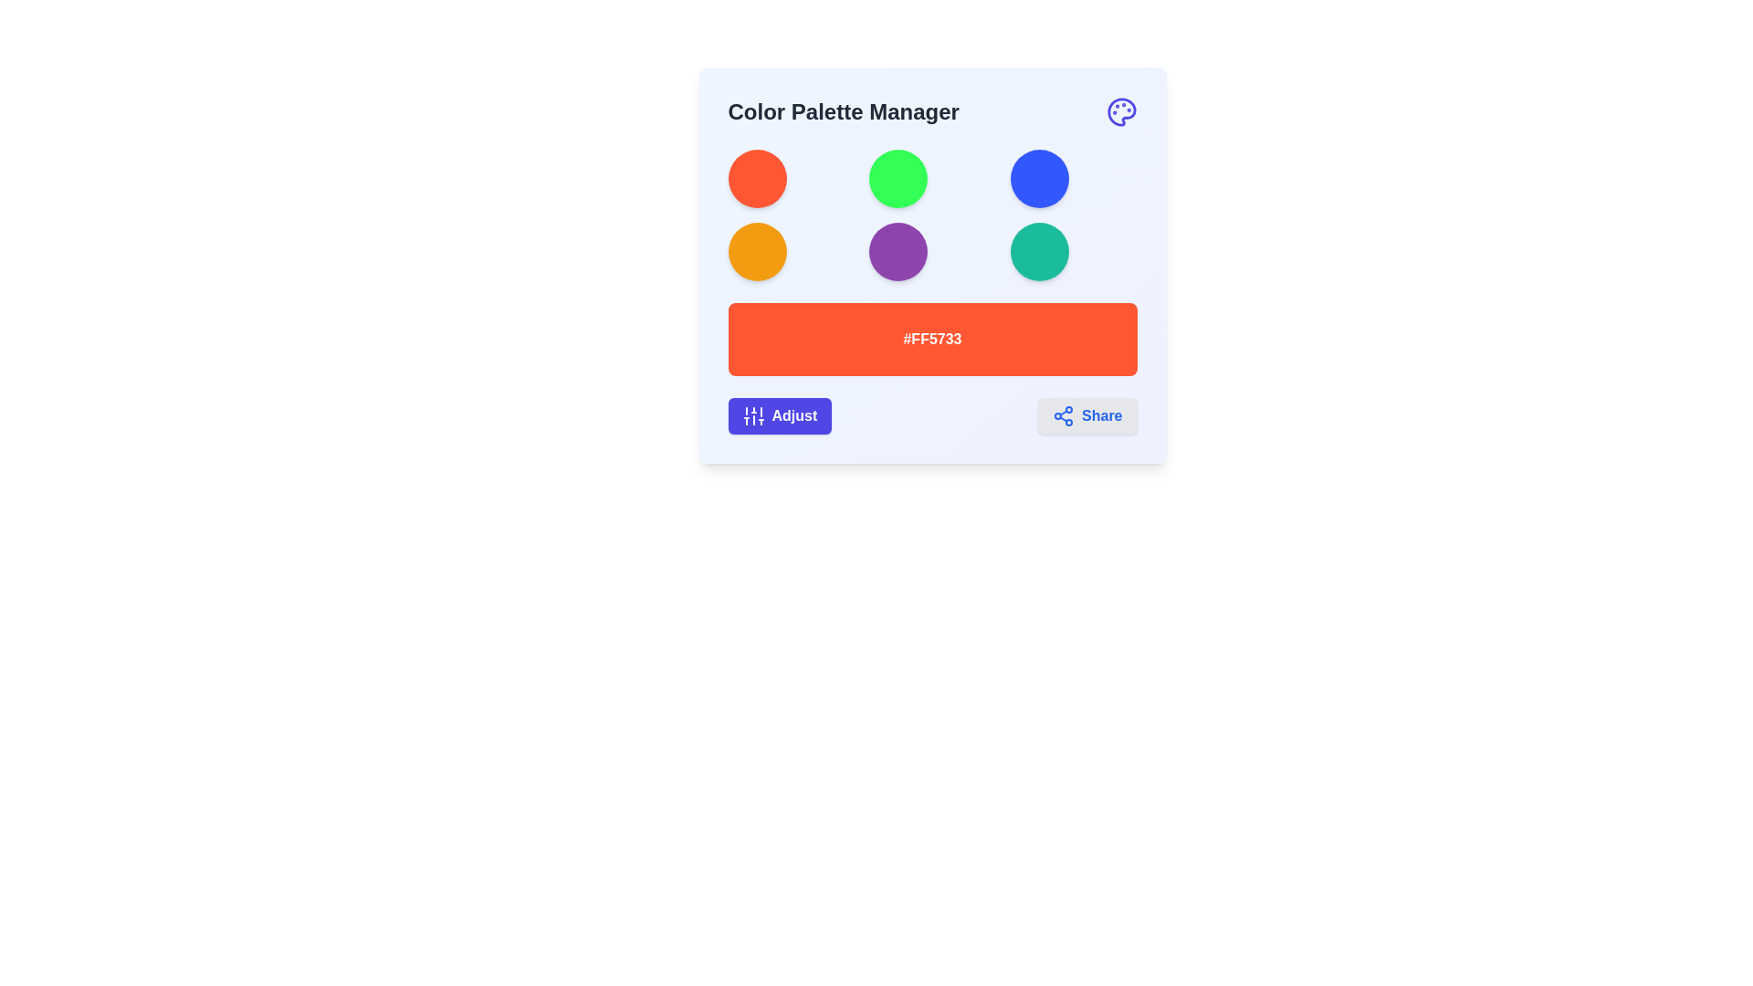 The width and height of the screenshot is (1753, 986). Describe the element at coordinates (753, 415) in the screenshot. I see `the icon resembling vertical sliders located within the 'Adjust' button in the bottom-left corner of the widget` at that location.